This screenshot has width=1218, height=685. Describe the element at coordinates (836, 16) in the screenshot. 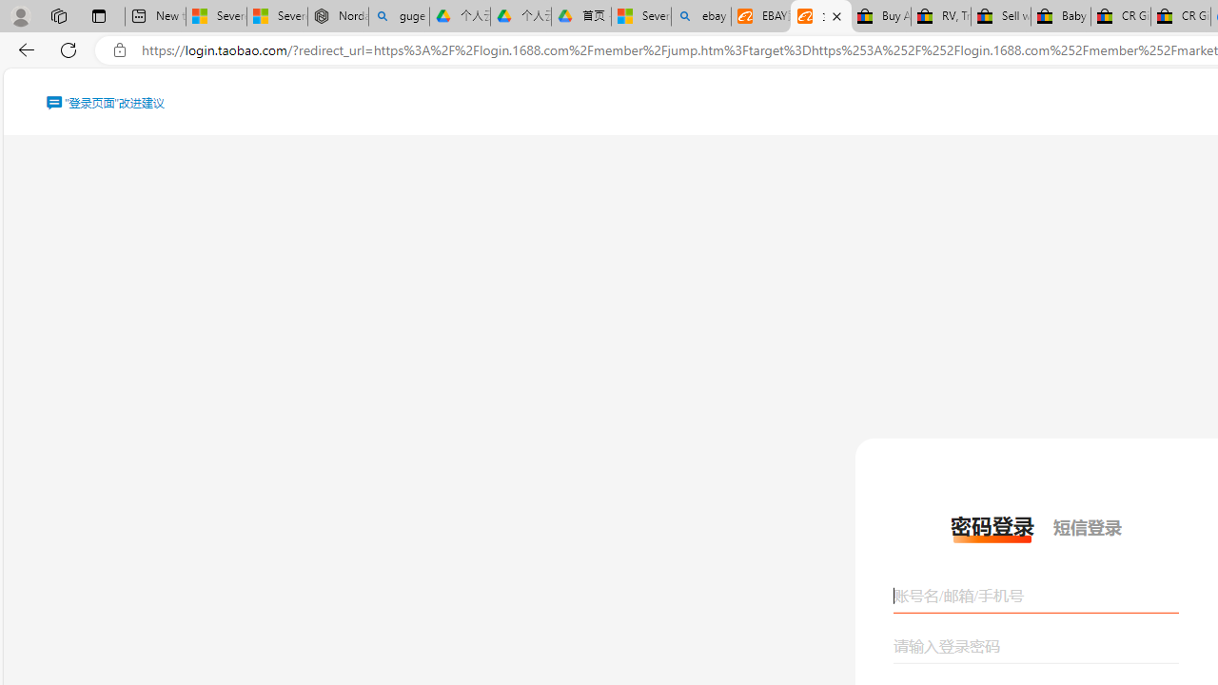

I see `'Close tab'` at that location.